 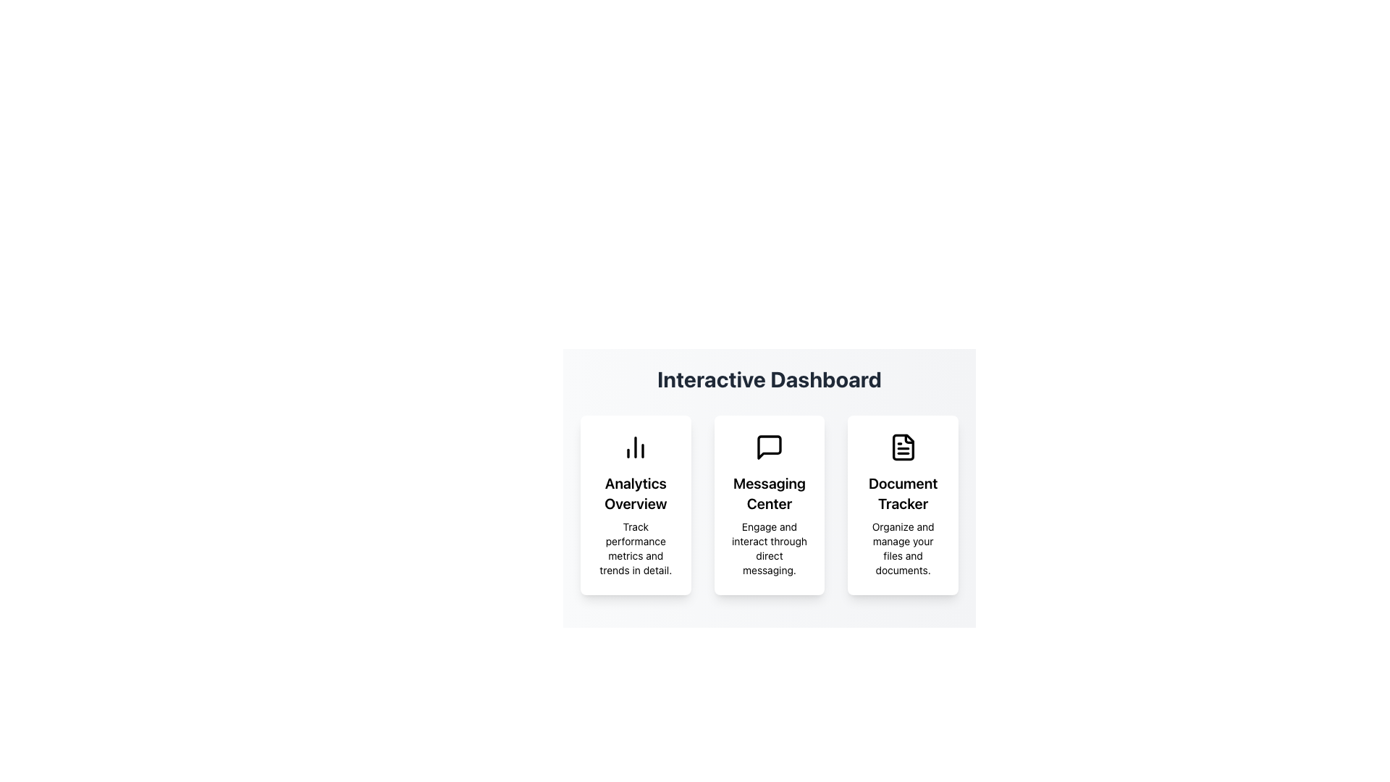 I want to click on the heading text 'Interactive Dashboard' which indicates the function of the interface below it, so click(x=768, y=379).